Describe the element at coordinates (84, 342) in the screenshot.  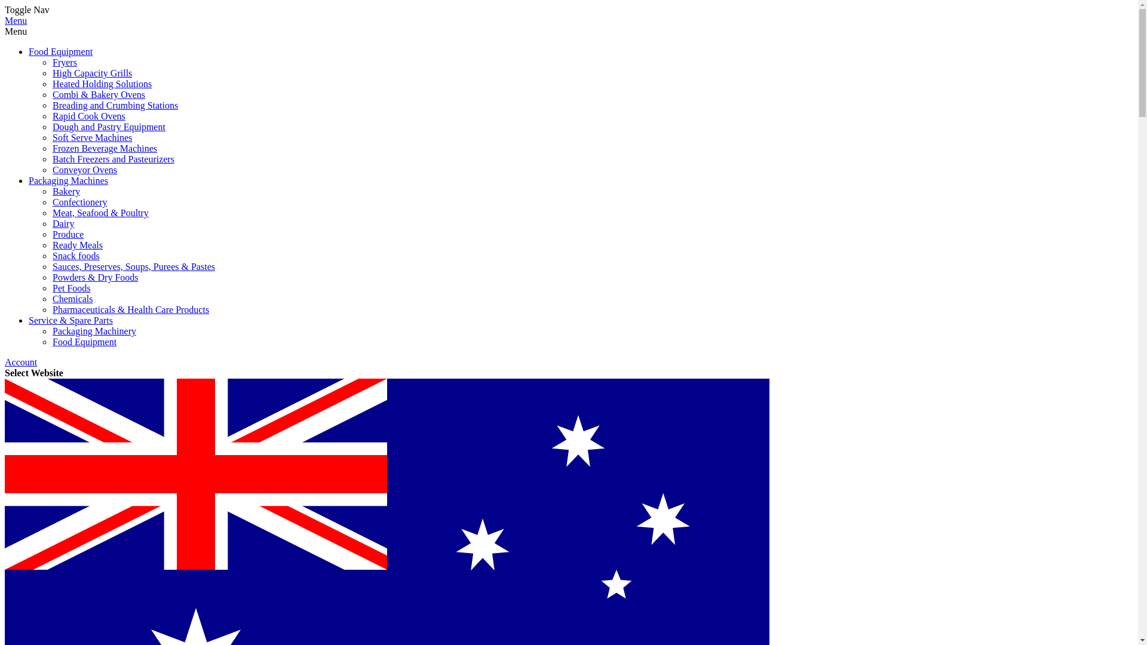
I see `'Food Equipment'` at that location.